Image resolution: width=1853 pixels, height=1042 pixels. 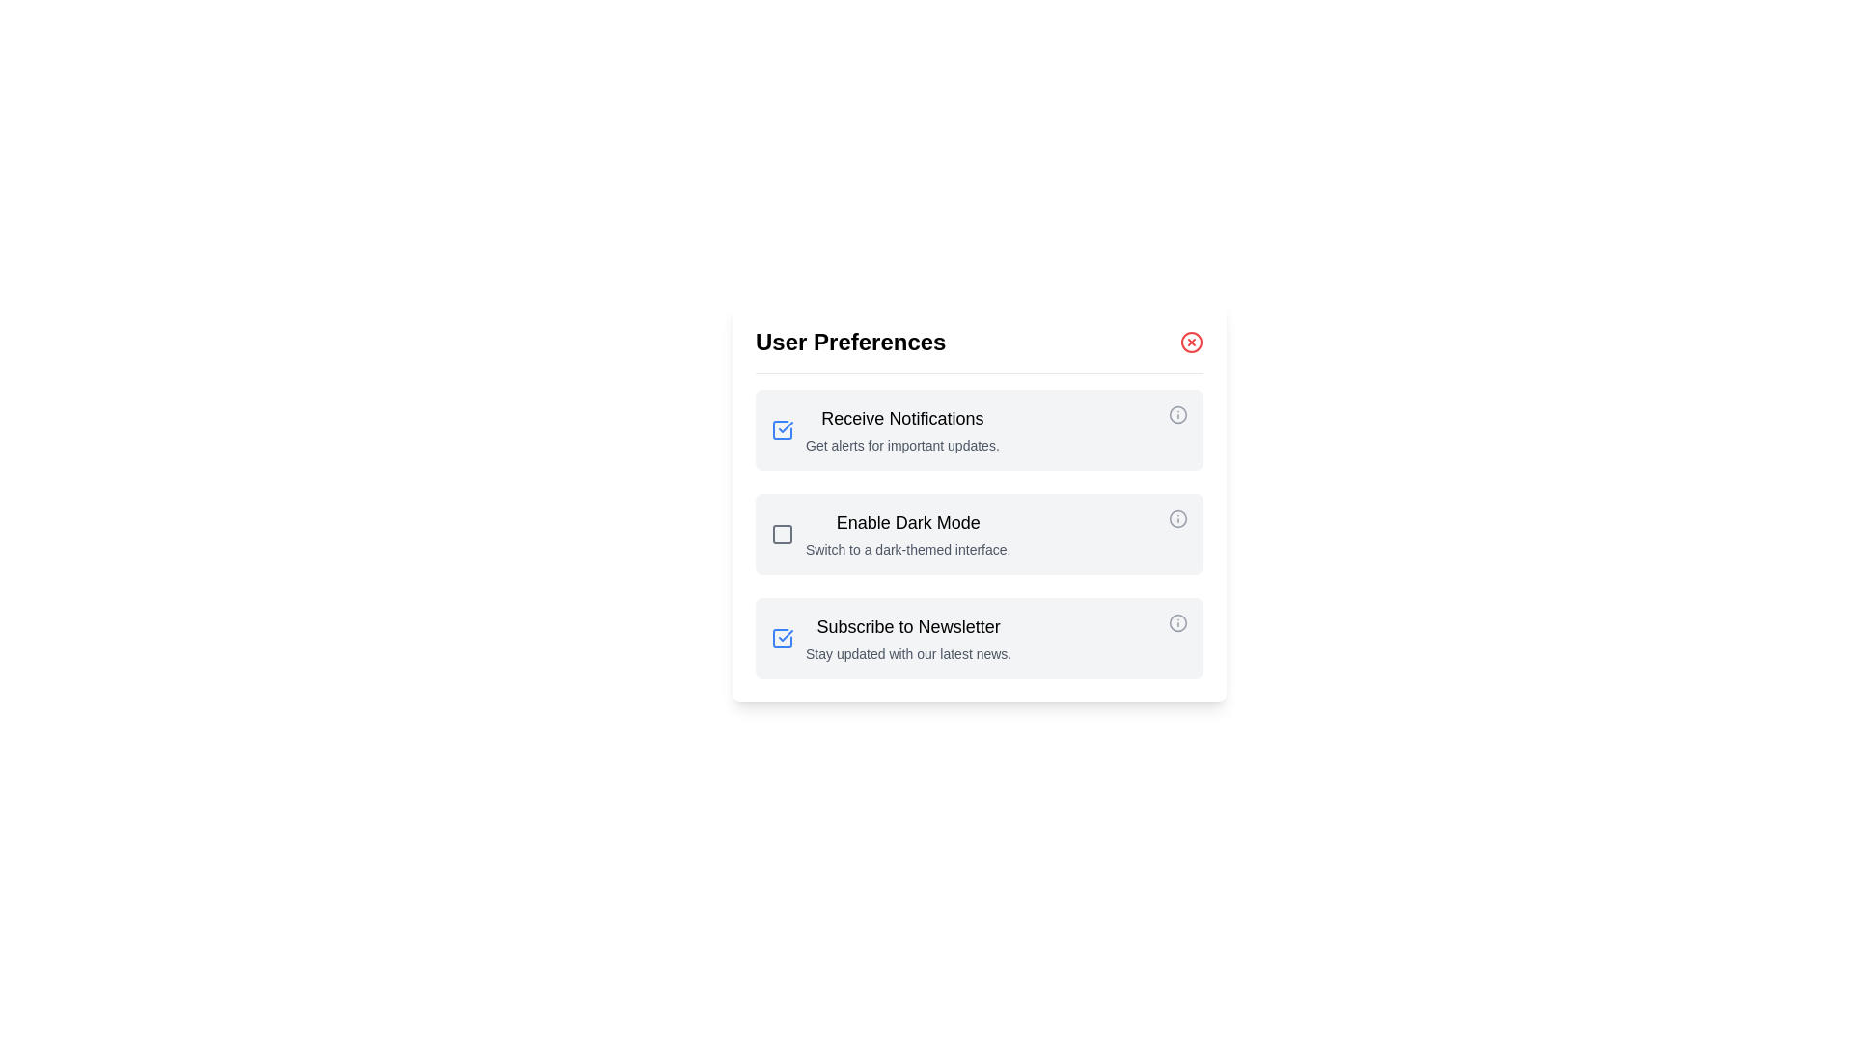 I want to click on the blue checkbox with a check mark inside, which is positioned to the left of the text 'Receive Notifications', so click(x=788, y=429).